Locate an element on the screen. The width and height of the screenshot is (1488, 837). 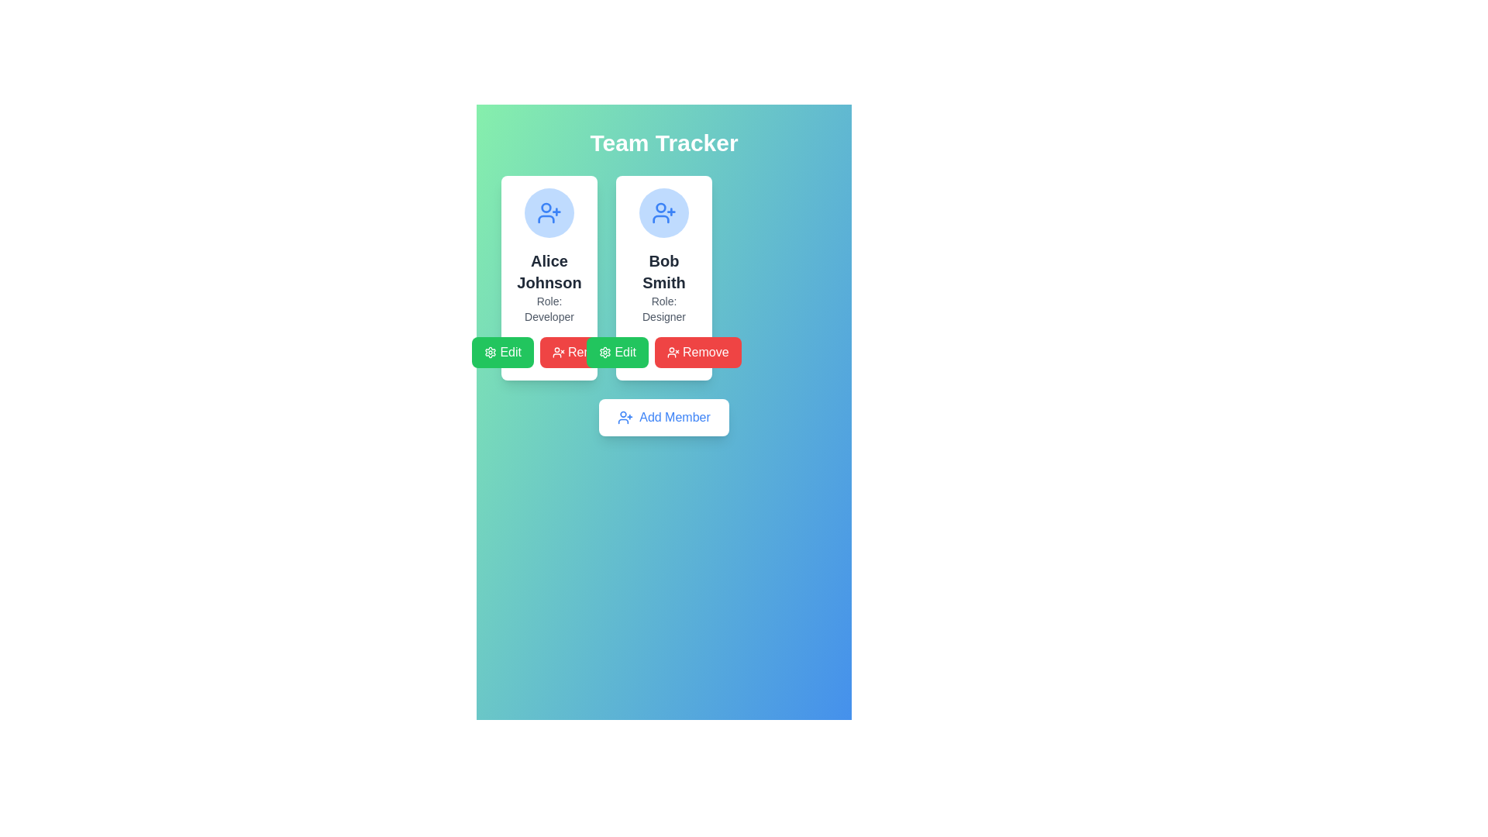
the circular SVG element that is part of the user avatar icon for 'Alice Johnson', located at the top-left corner of the profile card is located at coordinates (546, 206).